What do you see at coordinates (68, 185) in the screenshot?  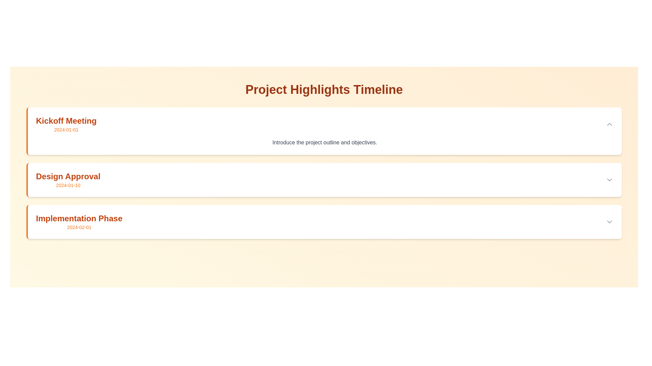 I see `the static text label displaying the date, which is smaller and orange-colored, located directly beneath the 'Design Approval' text` at bounding box center [68, 185].